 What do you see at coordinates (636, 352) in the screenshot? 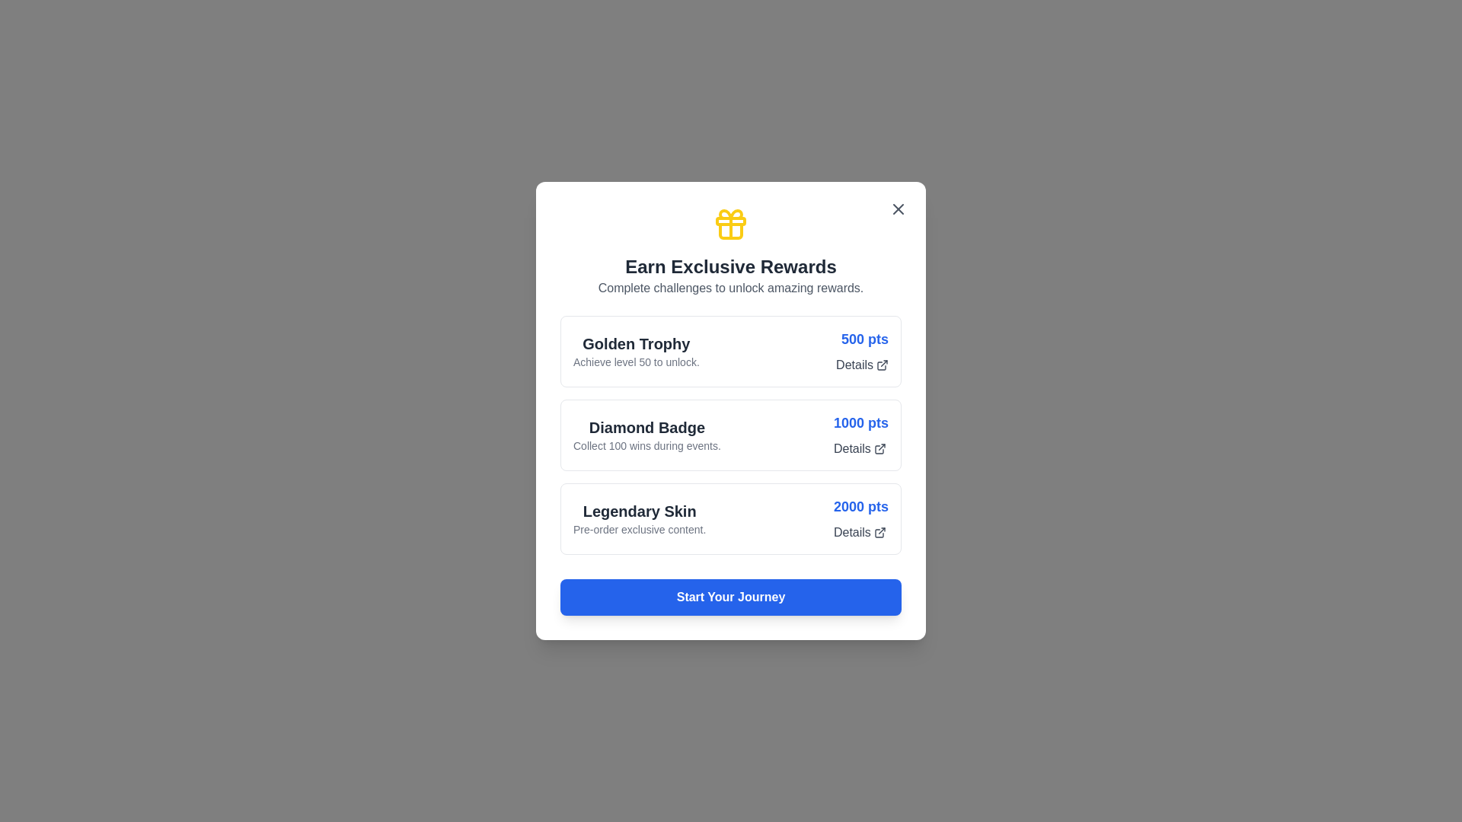
I see `the Text Display that conveys information about unlocking the 'Golden Trophy' reward by achieving level 50, located in the first row of the list inside the 'Earn Exclusive Rewards' modal` at bounding box center [636, 352].